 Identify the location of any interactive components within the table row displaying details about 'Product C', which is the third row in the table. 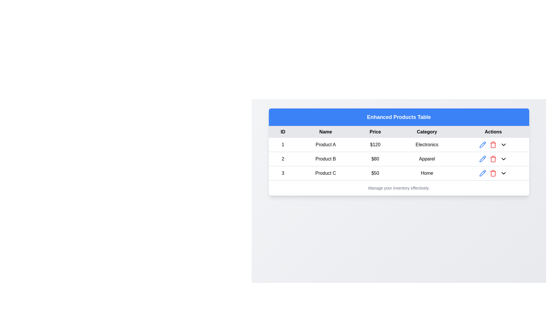
(398, 173).